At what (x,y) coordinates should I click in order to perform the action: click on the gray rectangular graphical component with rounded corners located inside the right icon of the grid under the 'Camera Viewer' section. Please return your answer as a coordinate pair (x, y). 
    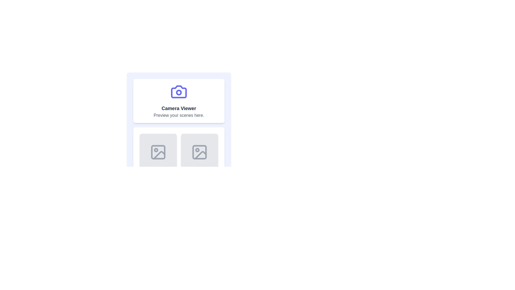
    Looking at the image, I should click on (199, 152).